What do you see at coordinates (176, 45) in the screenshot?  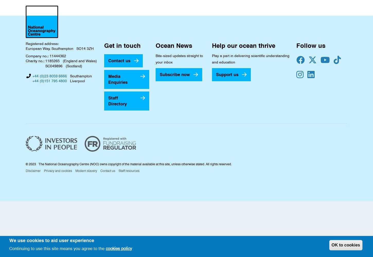 I see `'Ocean News'` at bounding box center [176, 45].